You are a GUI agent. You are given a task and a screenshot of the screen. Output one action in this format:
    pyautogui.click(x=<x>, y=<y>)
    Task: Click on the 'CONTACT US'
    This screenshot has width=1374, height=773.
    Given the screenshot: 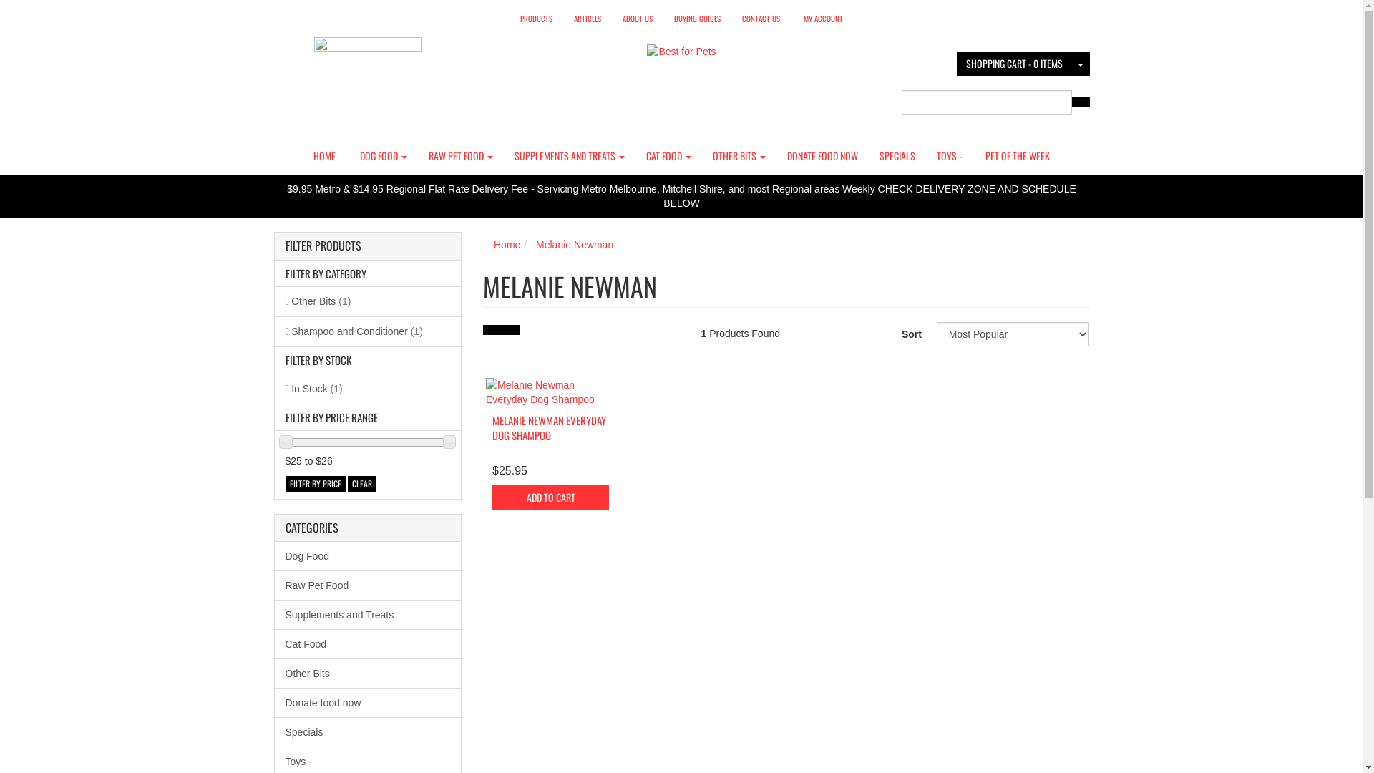 What is the action you would take?
    pyautogui.click(x=760, y=19)
    